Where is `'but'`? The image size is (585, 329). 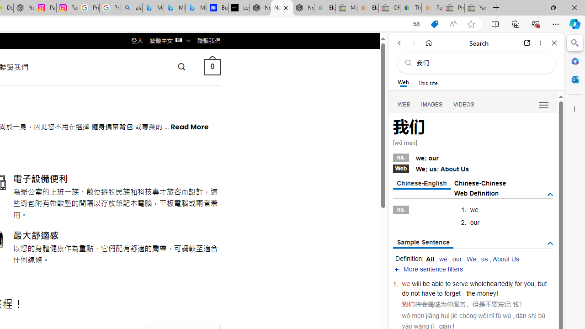 'but' is located at coordinates (542, 283).